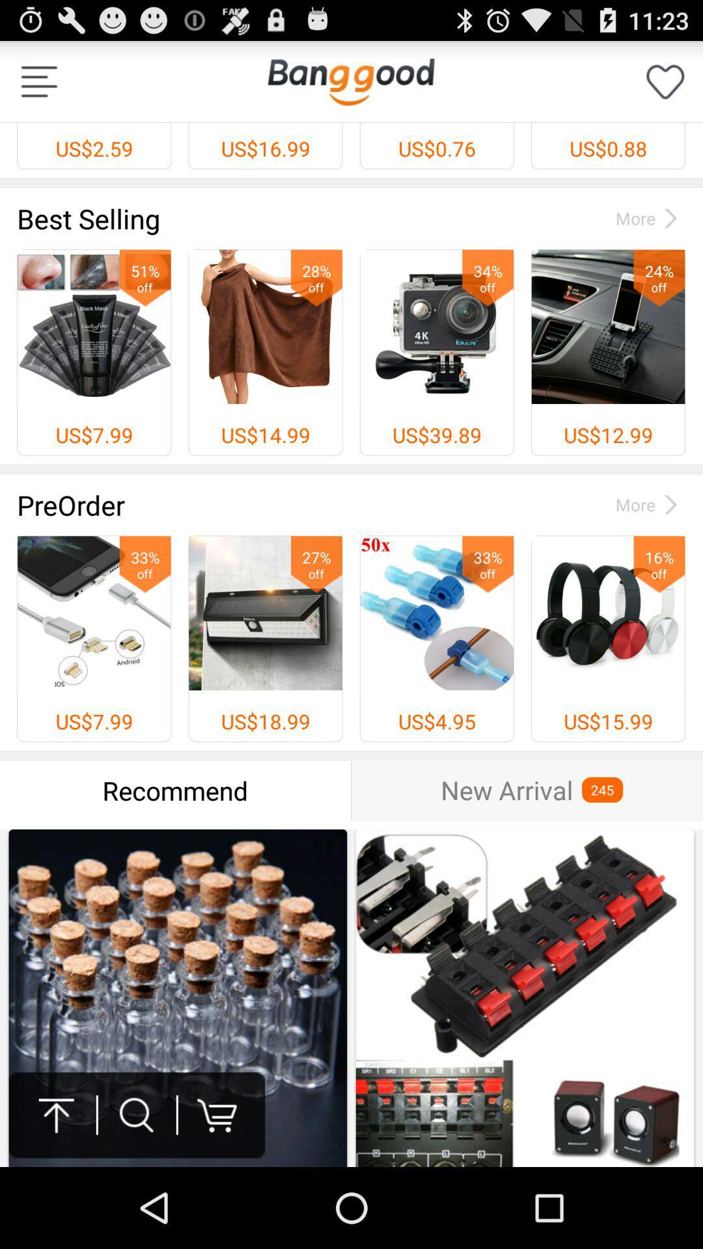 Image resolution: width=703 pixels, height=1249 pixels. Describe the element at coordinates (174, 790) in the screenshot. I see `recommend item` at that location.